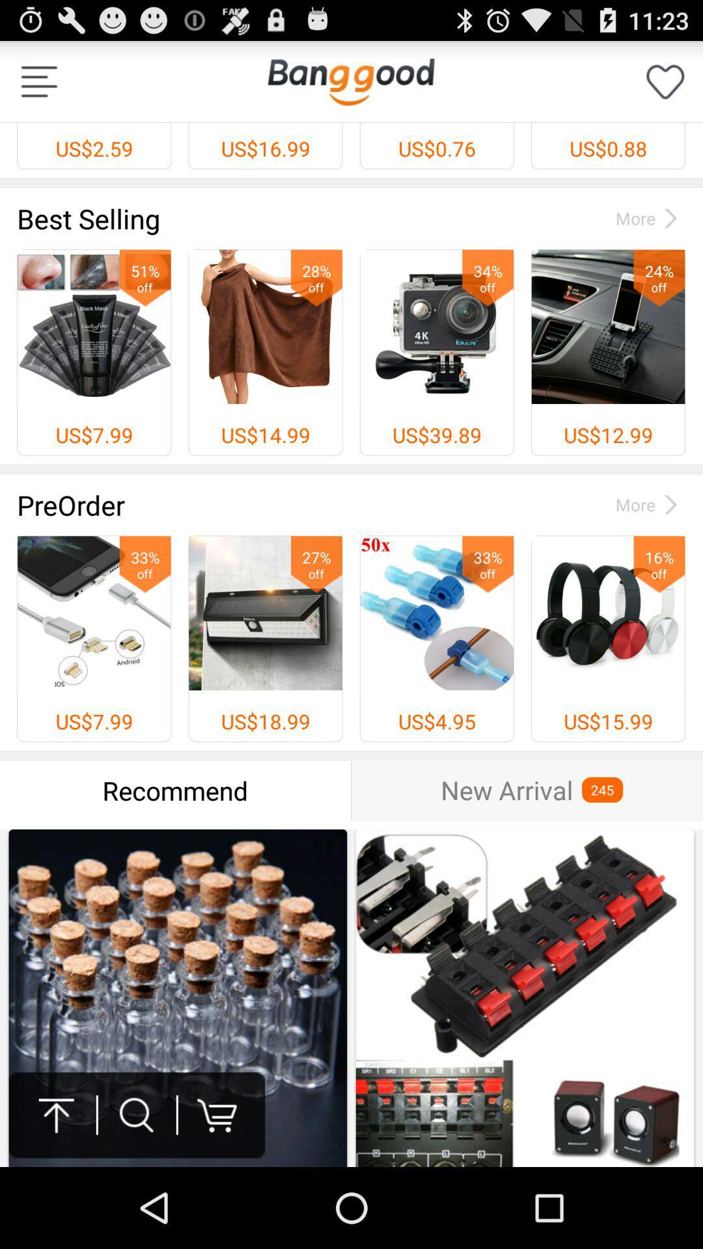 Image resolution: width=703 pixels, height=1249 pixels. Describe the element at coordinates (174, 790) in the screenshot. I see `recommend item` at that location.